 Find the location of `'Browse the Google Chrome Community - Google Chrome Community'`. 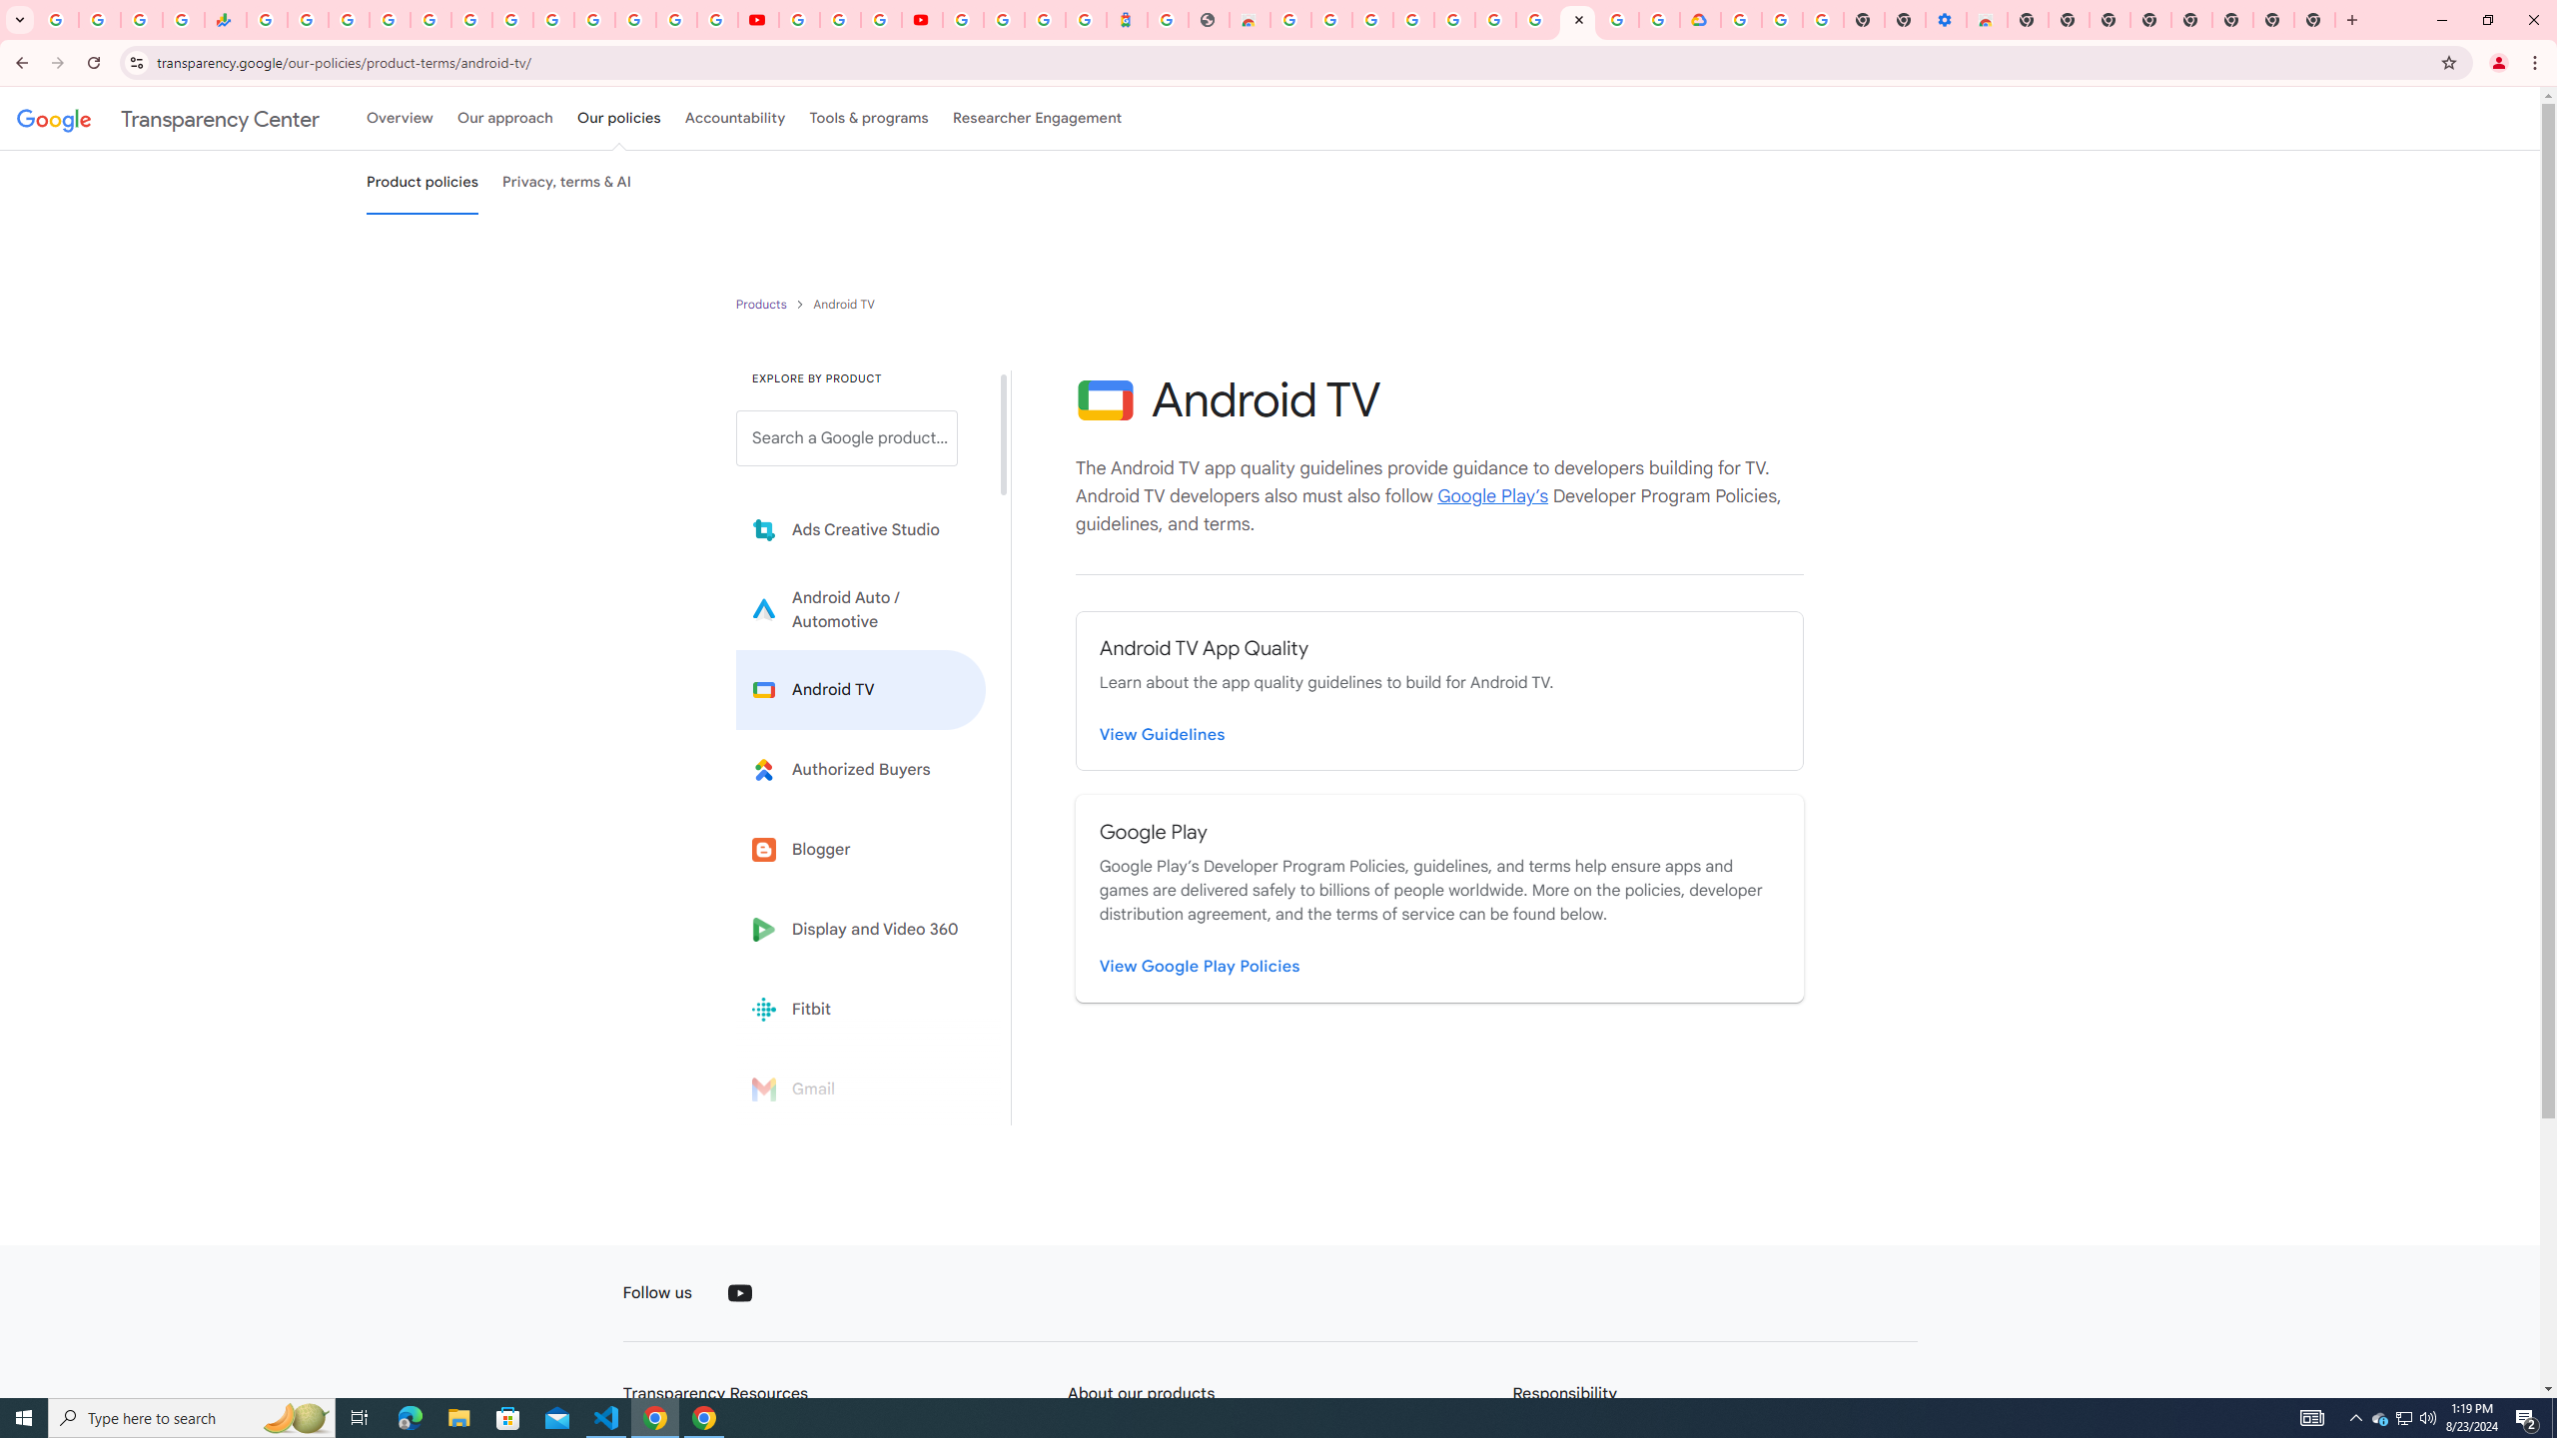

'Browse the Google Chrome Community - Google Chrome Community' is located at coordinates (1660, 19).